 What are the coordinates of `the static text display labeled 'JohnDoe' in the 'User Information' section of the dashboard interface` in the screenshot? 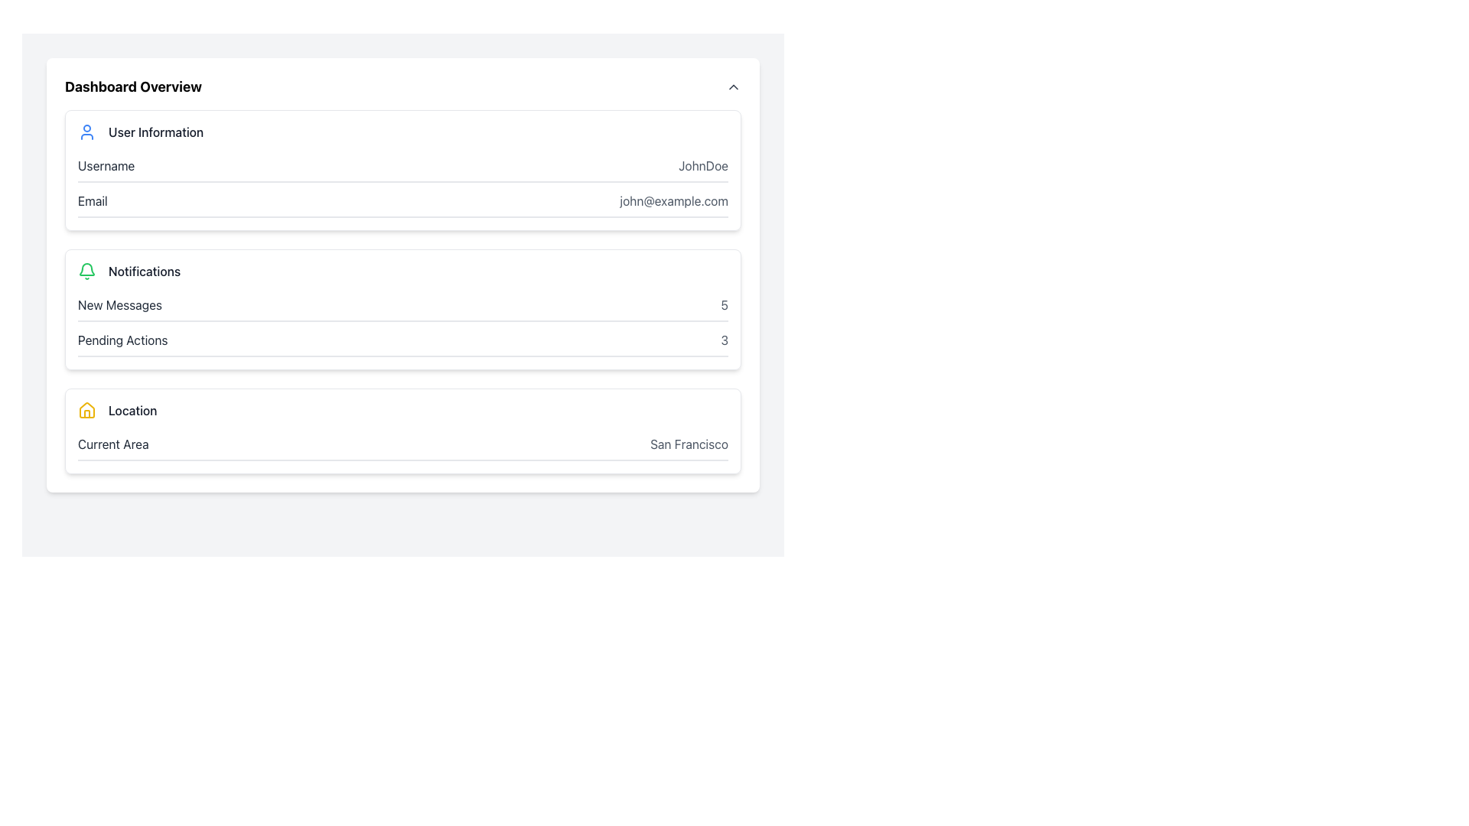 It's located at (702, 165).